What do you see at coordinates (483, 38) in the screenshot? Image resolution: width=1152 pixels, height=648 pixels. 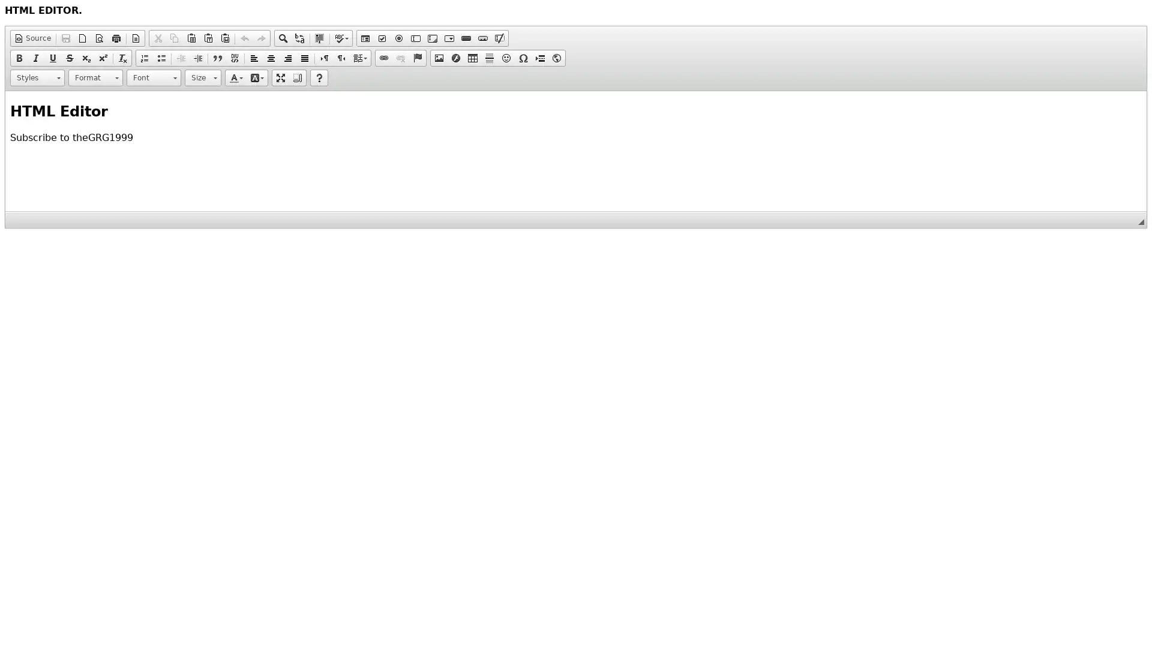 I see `Image Button` at bounding box center [483, 38].